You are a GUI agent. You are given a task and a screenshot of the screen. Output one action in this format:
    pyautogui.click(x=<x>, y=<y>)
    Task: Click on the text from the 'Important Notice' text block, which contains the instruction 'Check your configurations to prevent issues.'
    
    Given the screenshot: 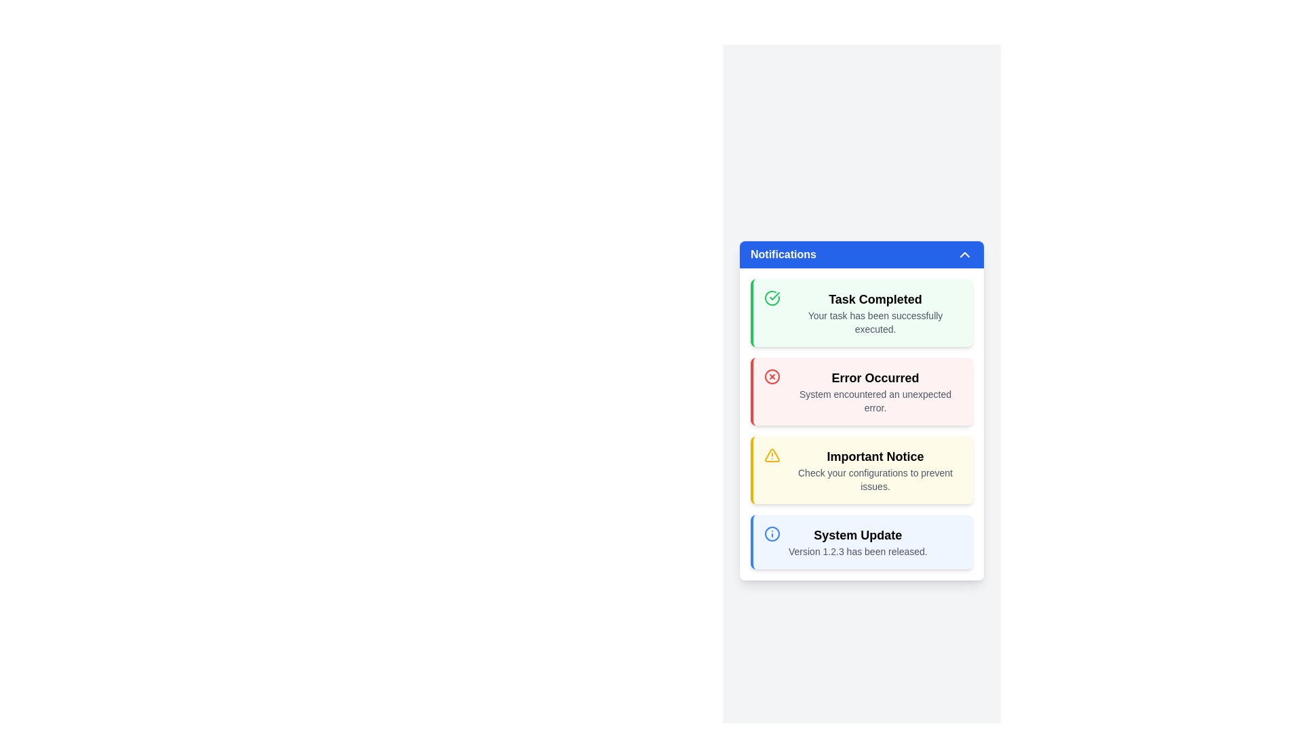 What is the action you would take?
    pyautogui.click(x=875, y=470)
    